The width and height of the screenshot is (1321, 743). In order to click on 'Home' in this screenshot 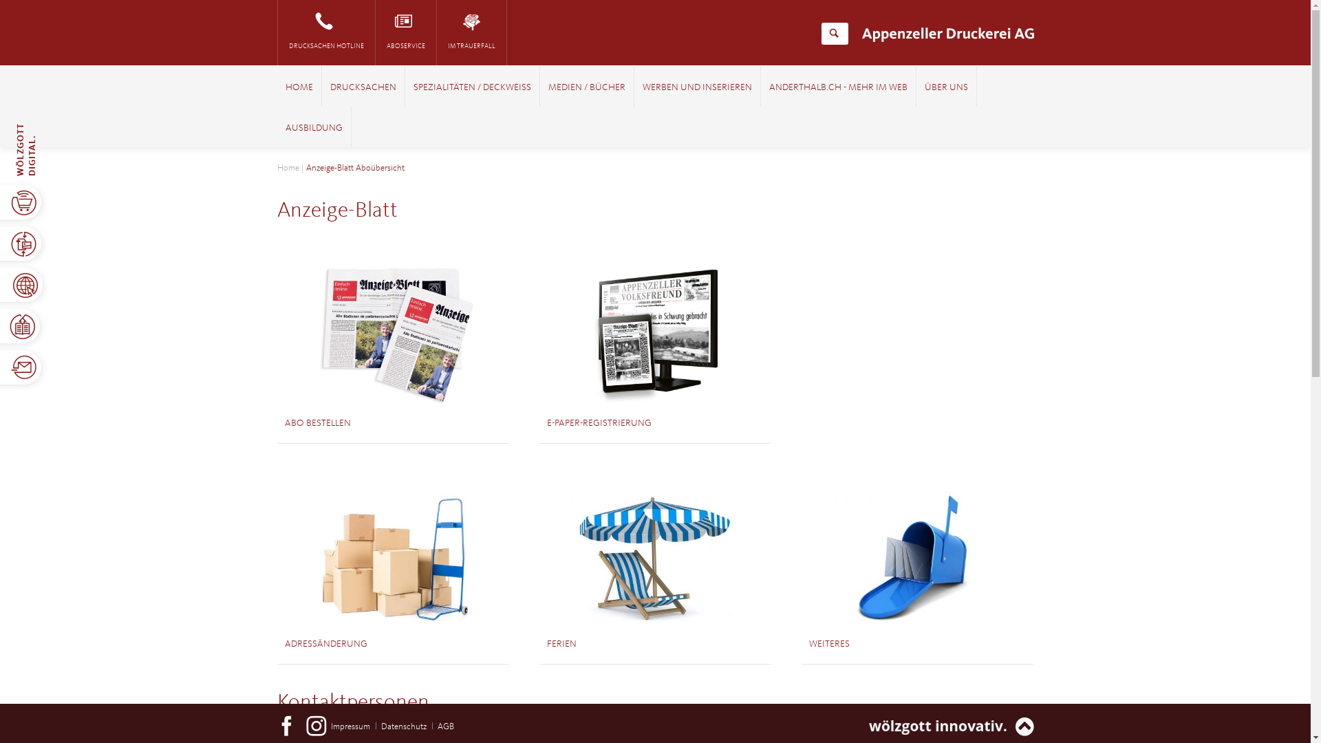, I will do `click(286, 167)`.